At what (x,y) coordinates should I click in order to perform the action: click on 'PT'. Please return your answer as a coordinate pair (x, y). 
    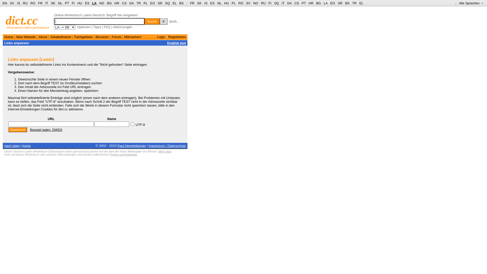
    Looking at the image, I should click on (302, 3).